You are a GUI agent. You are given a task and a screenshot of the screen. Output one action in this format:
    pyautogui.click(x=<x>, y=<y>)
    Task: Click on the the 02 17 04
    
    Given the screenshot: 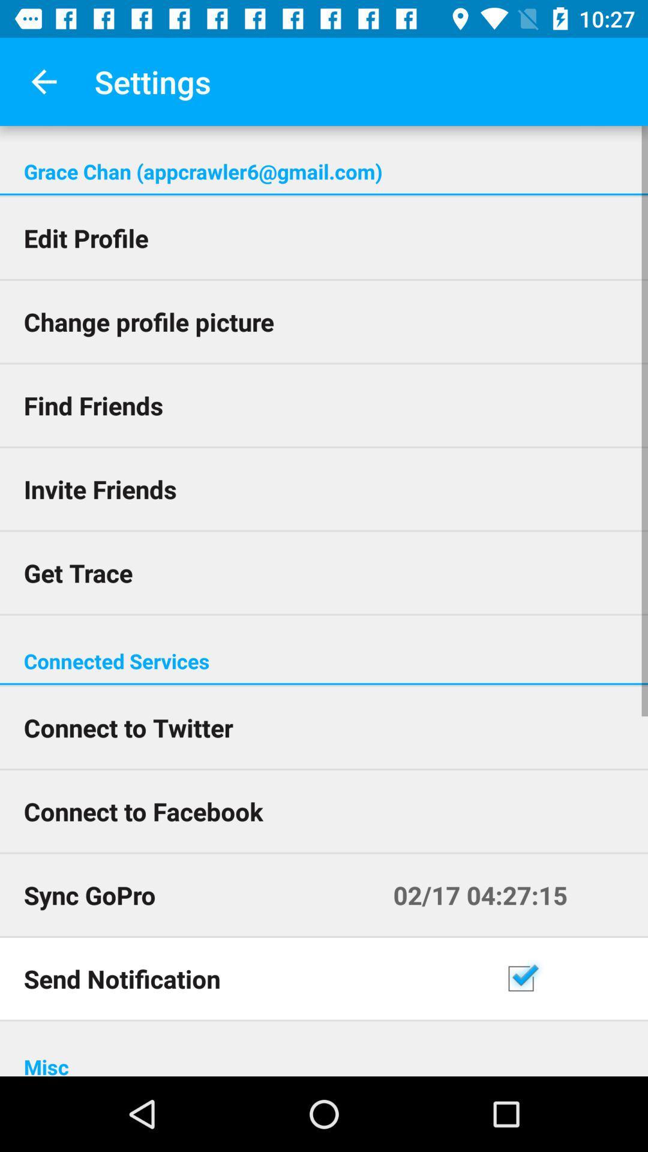 What is the action you would take?
    pyautogui.click(x=508, y=895)
    